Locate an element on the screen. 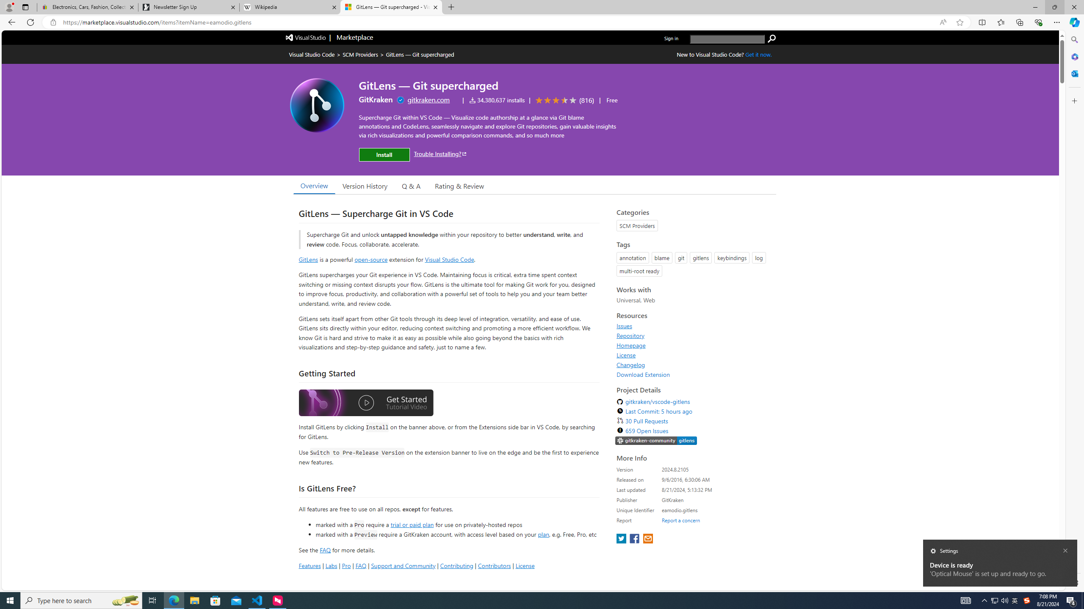 Image resolution: width=1084 pixels, height=609 pixels. 'Labs' is located at coordinates (331, 565).